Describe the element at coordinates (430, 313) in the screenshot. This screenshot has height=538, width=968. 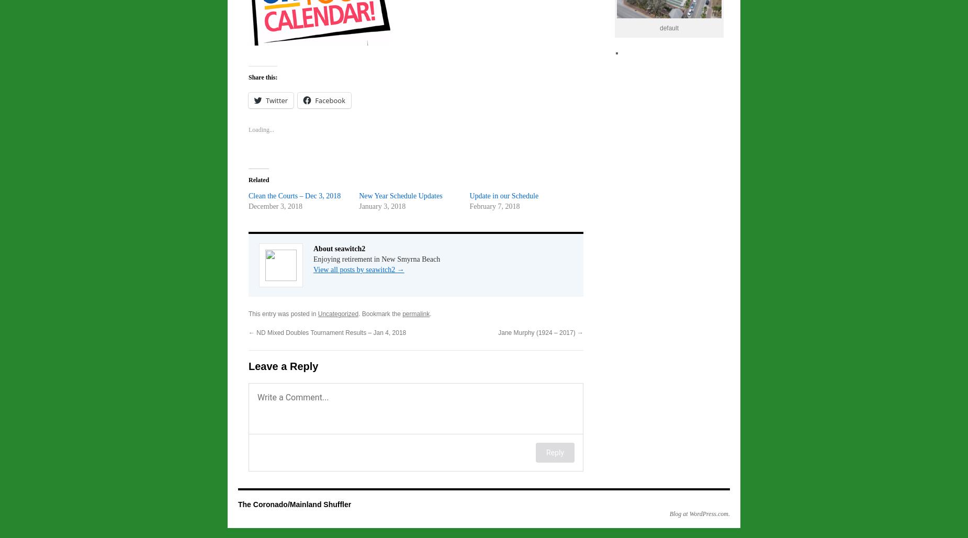
I see `'.'` at that location.